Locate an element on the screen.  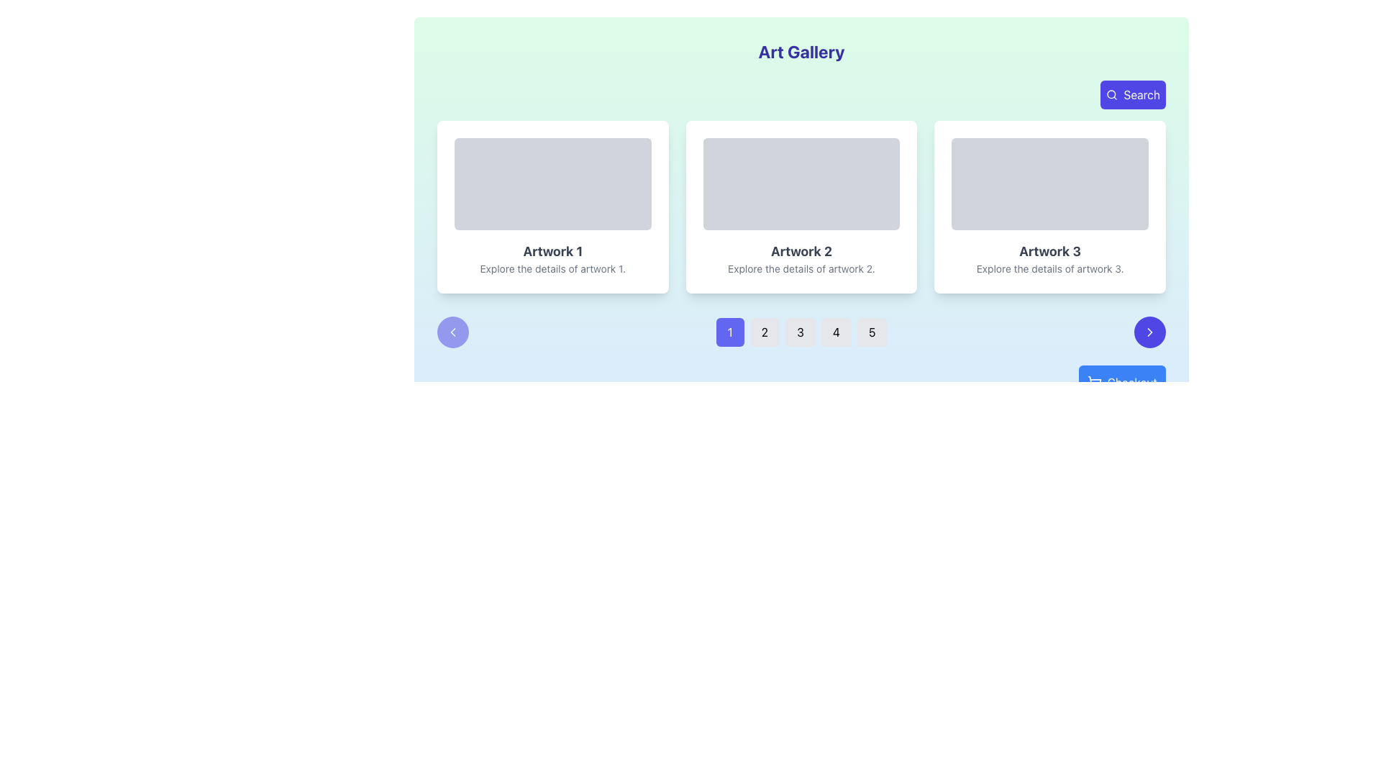
the third button in the pagination control, which is visually highlighted as the active state among its peers is located at coordinates (801, 332).